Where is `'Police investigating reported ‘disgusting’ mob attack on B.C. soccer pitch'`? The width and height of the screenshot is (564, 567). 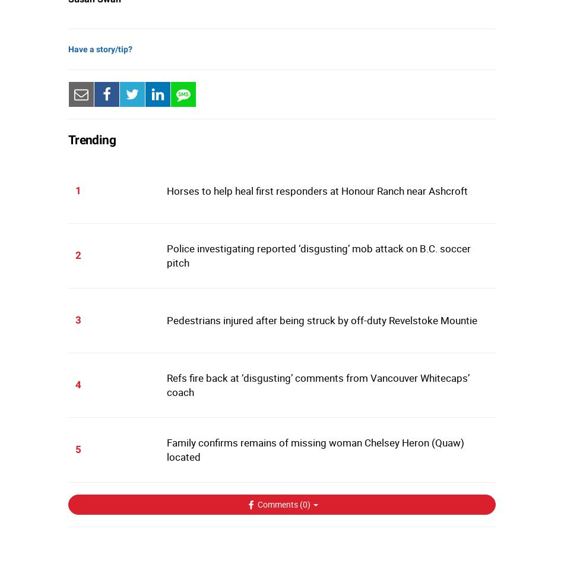
'Police investigating reported ‘disgusting’ mob attack on B.C. soccer pitch' is located at coordinates (165, 255).